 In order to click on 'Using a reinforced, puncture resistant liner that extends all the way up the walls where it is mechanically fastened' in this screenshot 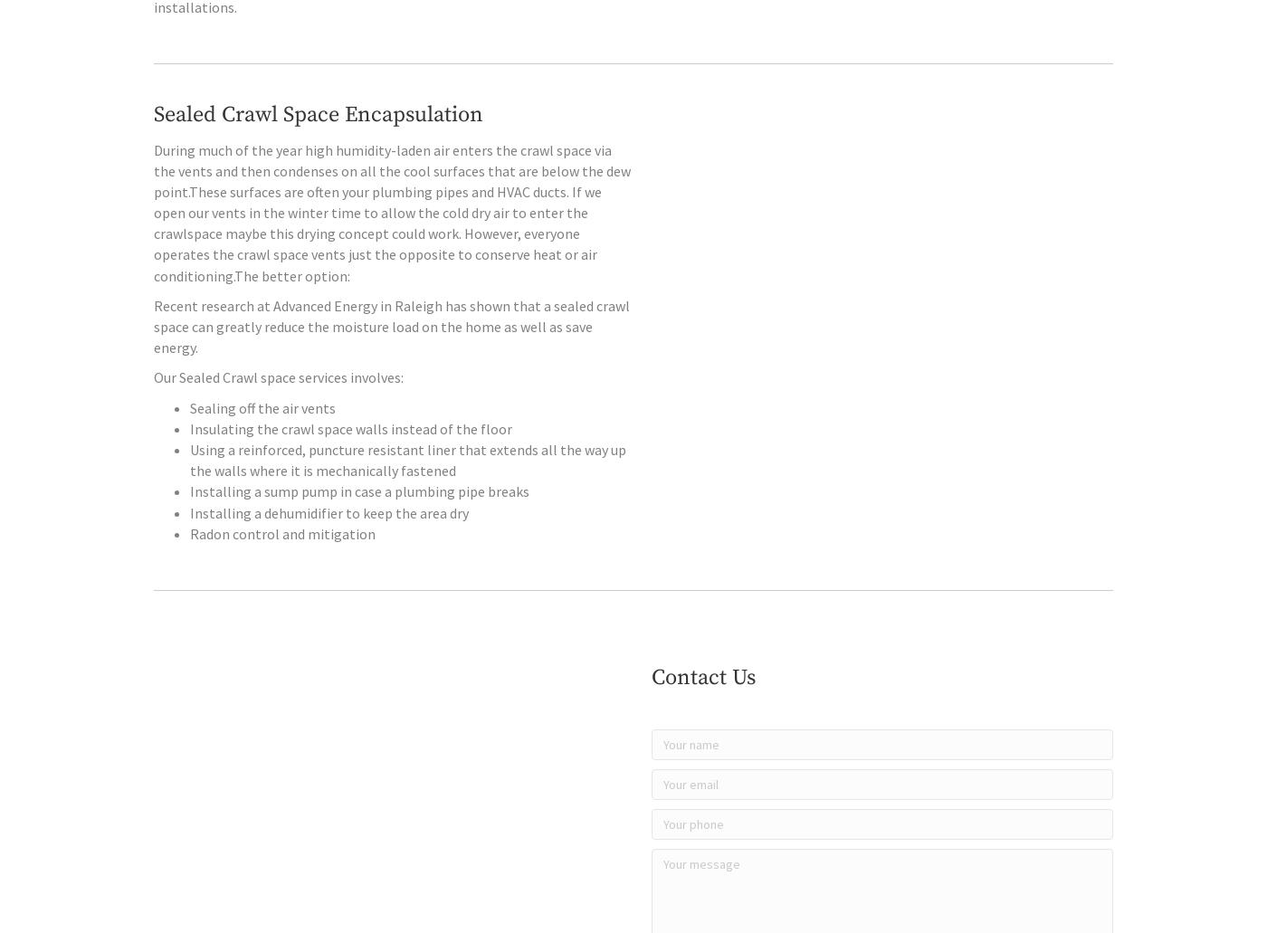, I will do `click(407, 497)`.